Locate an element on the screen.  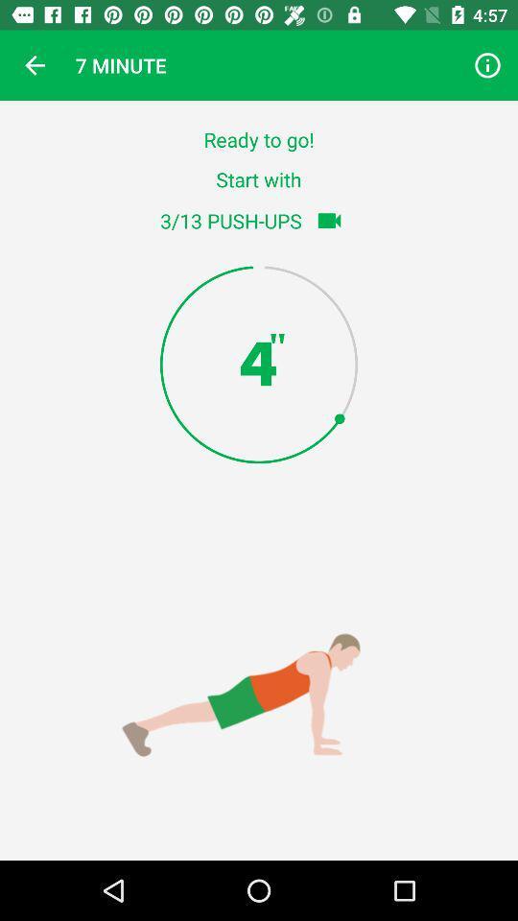
demonstration video is located at coordinates (328, 221).